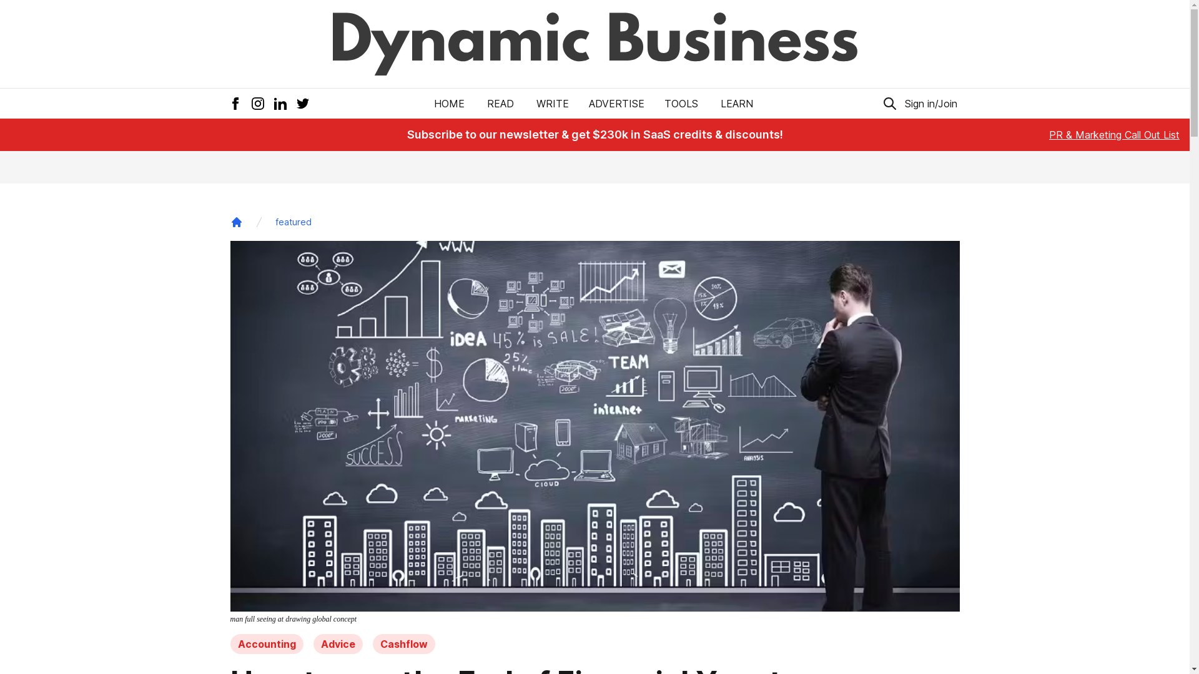  What do you see at coordinates (551, 102) in the screenshot?
I see `'WRITE'` at bounding box center [551, 102].